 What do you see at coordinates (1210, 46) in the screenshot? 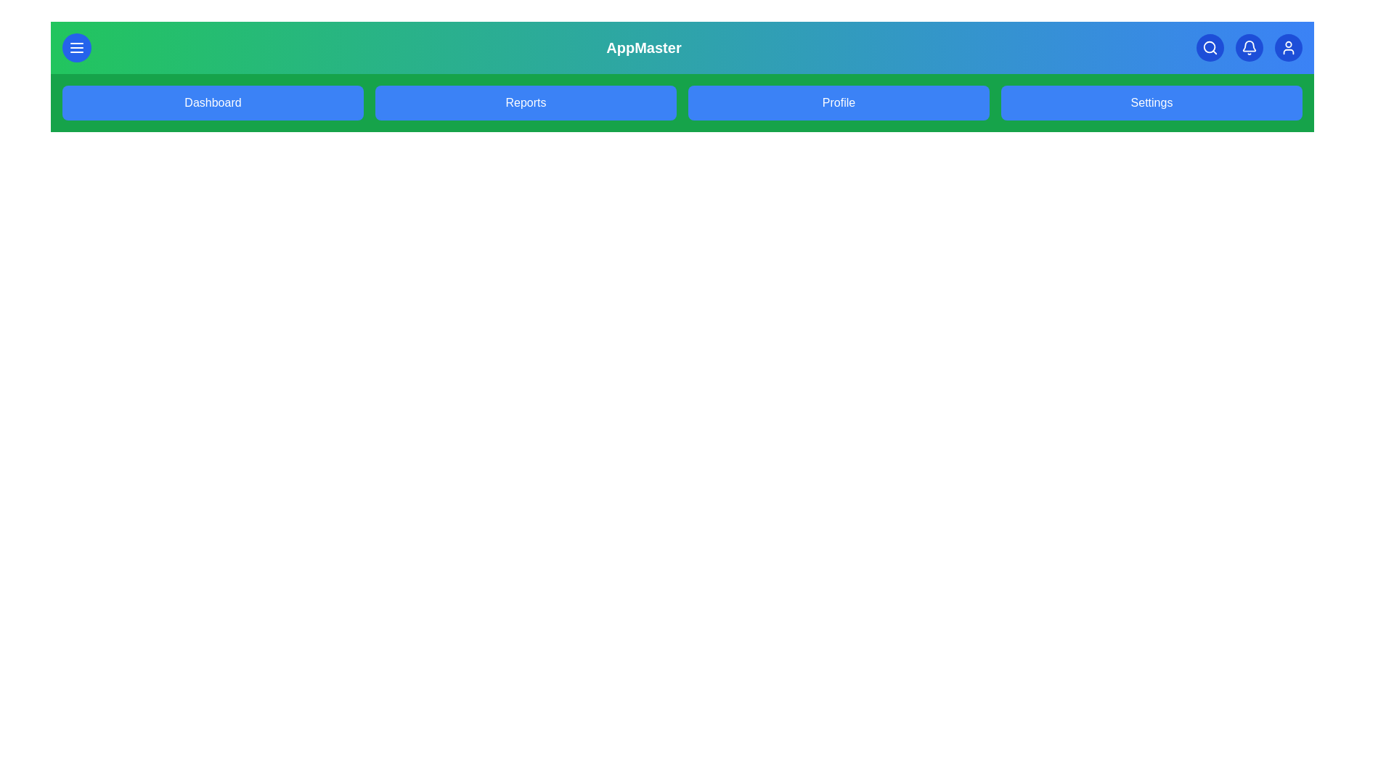
I see `the Search button in the StyledAppBar` at bounding box center [1210, 46].